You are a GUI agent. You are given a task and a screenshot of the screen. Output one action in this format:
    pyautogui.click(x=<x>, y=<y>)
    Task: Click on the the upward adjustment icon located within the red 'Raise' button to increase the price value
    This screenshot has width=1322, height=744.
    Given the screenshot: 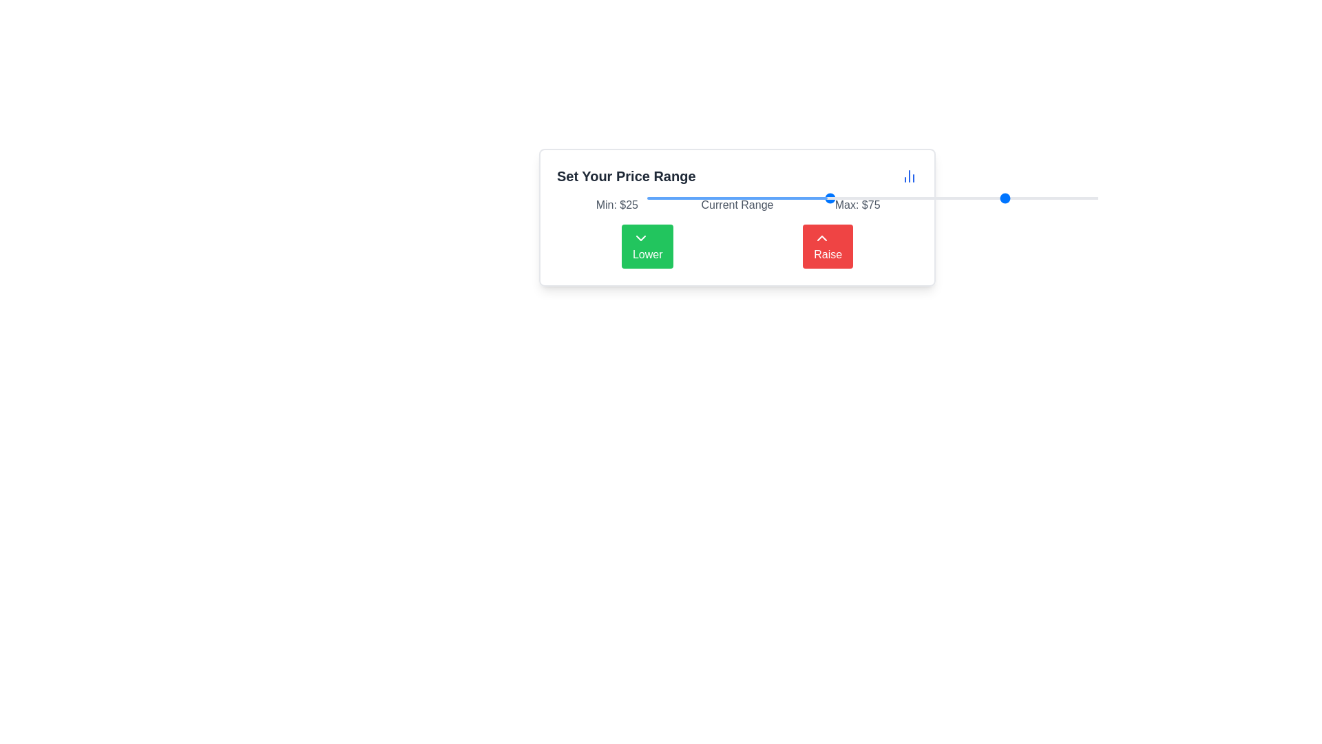 What is the action you would take?
    pyautogui.click(x=822, y=238)
    